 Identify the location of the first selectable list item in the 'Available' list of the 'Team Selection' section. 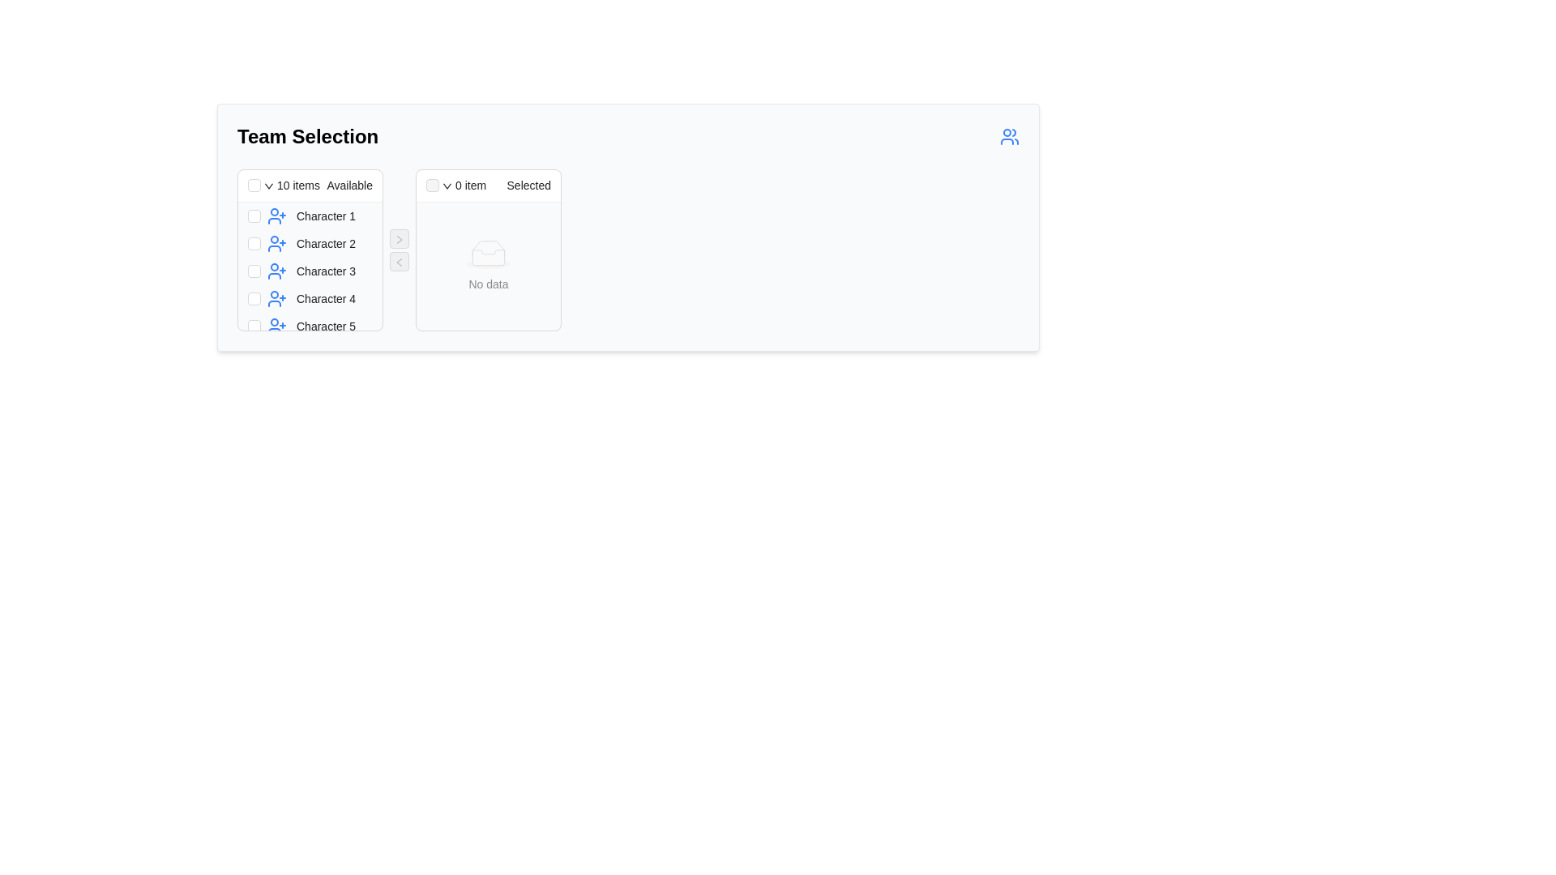
(319, 215).